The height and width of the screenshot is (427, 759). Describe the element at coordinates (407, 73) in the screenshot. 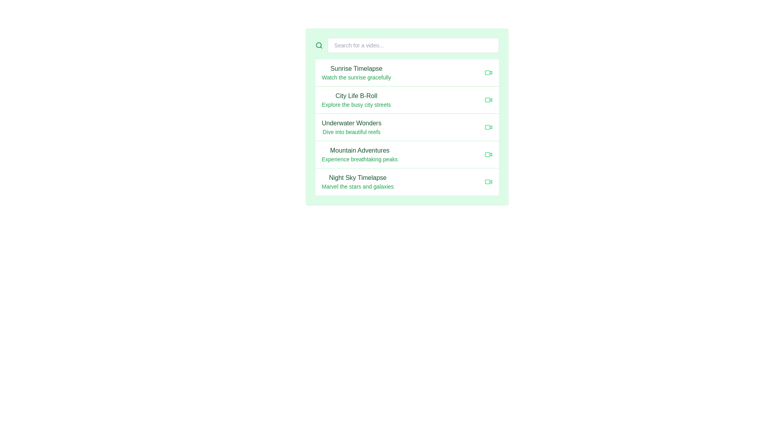

I see `on the first selectable list item at the top of the vertical list` at that location.